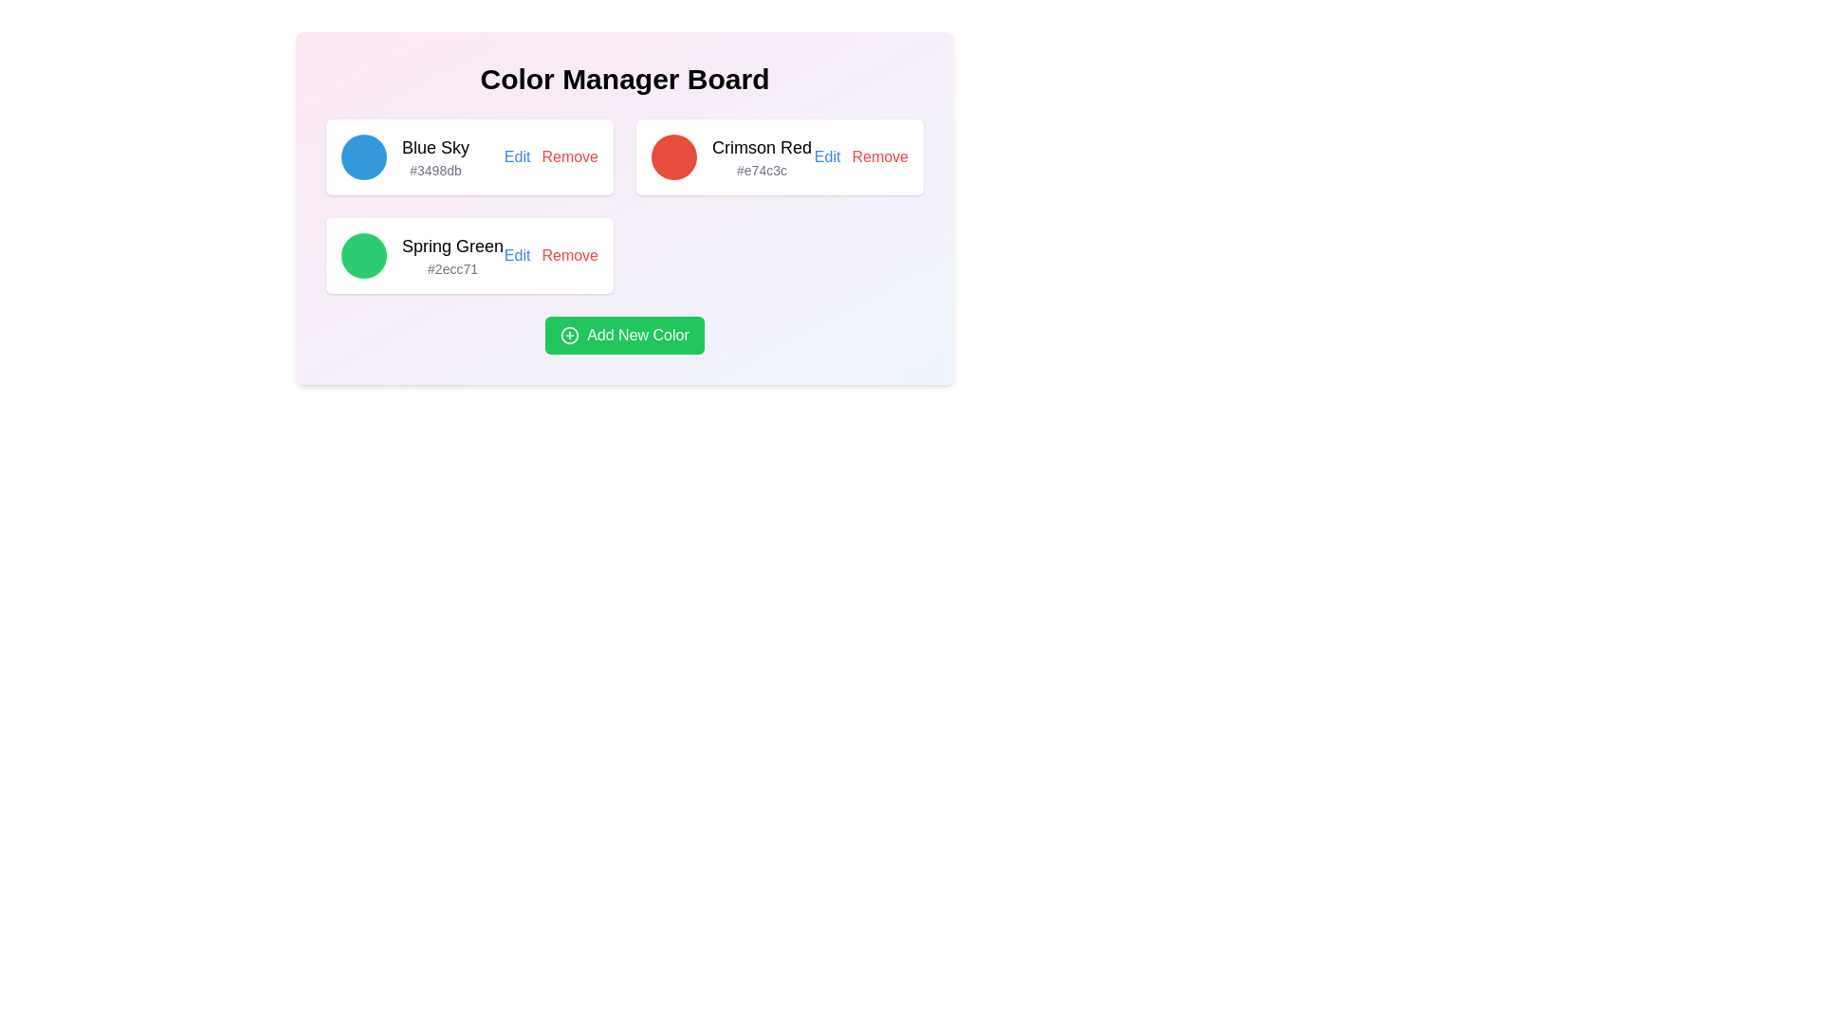 This screenshot has height=1024, width=1821. What do you see at coordinates (762, 155) in the screenshot?
I see `the text element displaying 'Crimson Red' and its hexadecimal code '#e74c3c' within the second item of the color list in the 'Color Manager Board'` at bounding box center [762, 155].